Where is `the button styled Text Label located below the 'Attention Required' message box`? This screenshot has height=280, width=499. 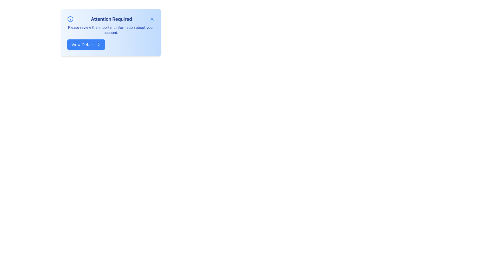 the button styled Text Label located below the 'Attention Required' message box is located at coordinates (83, 44).